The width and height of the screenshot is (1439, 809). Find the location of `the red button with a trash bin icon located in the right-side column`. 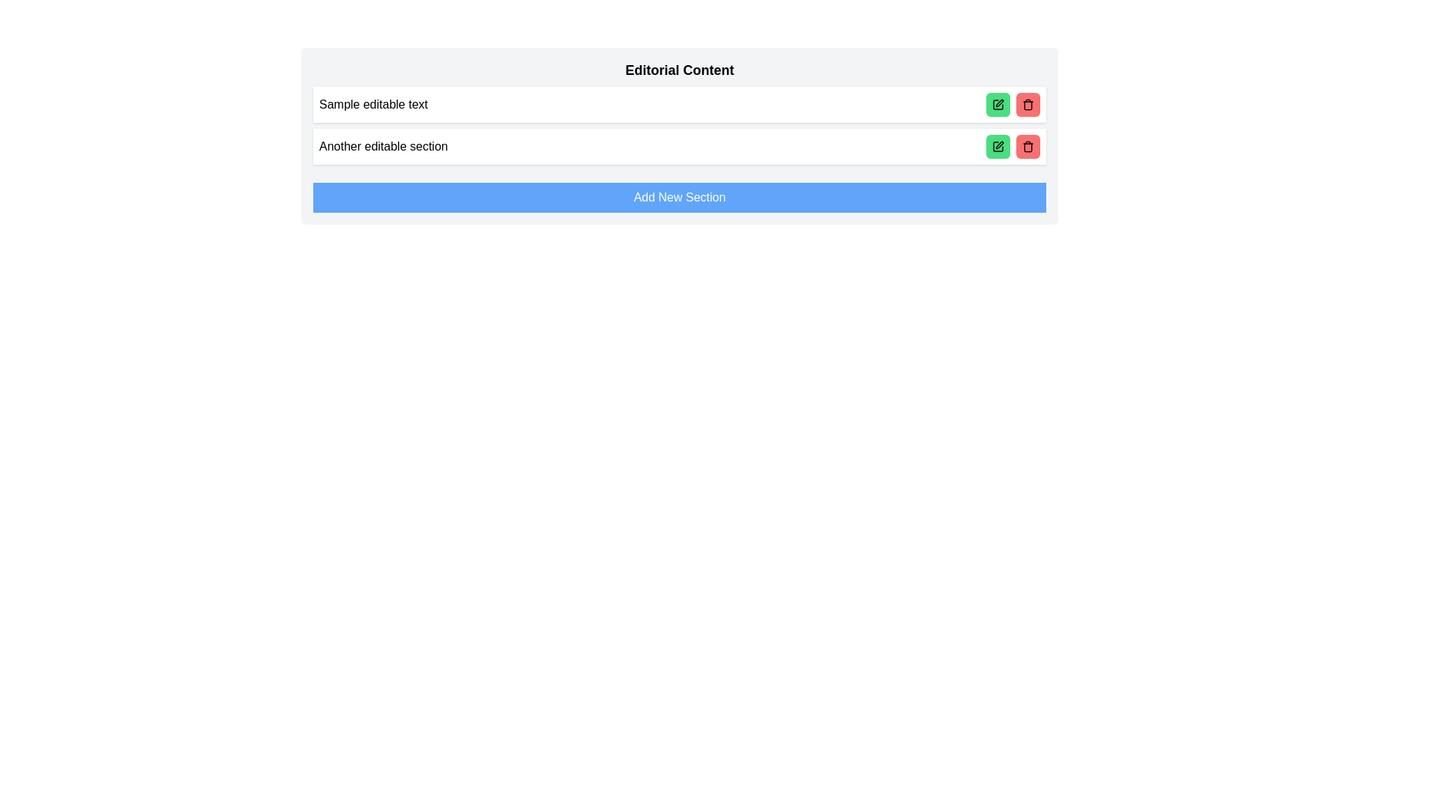

the red button with a trash bin icon located in the right-side column is located at coordinates (1028, 103).